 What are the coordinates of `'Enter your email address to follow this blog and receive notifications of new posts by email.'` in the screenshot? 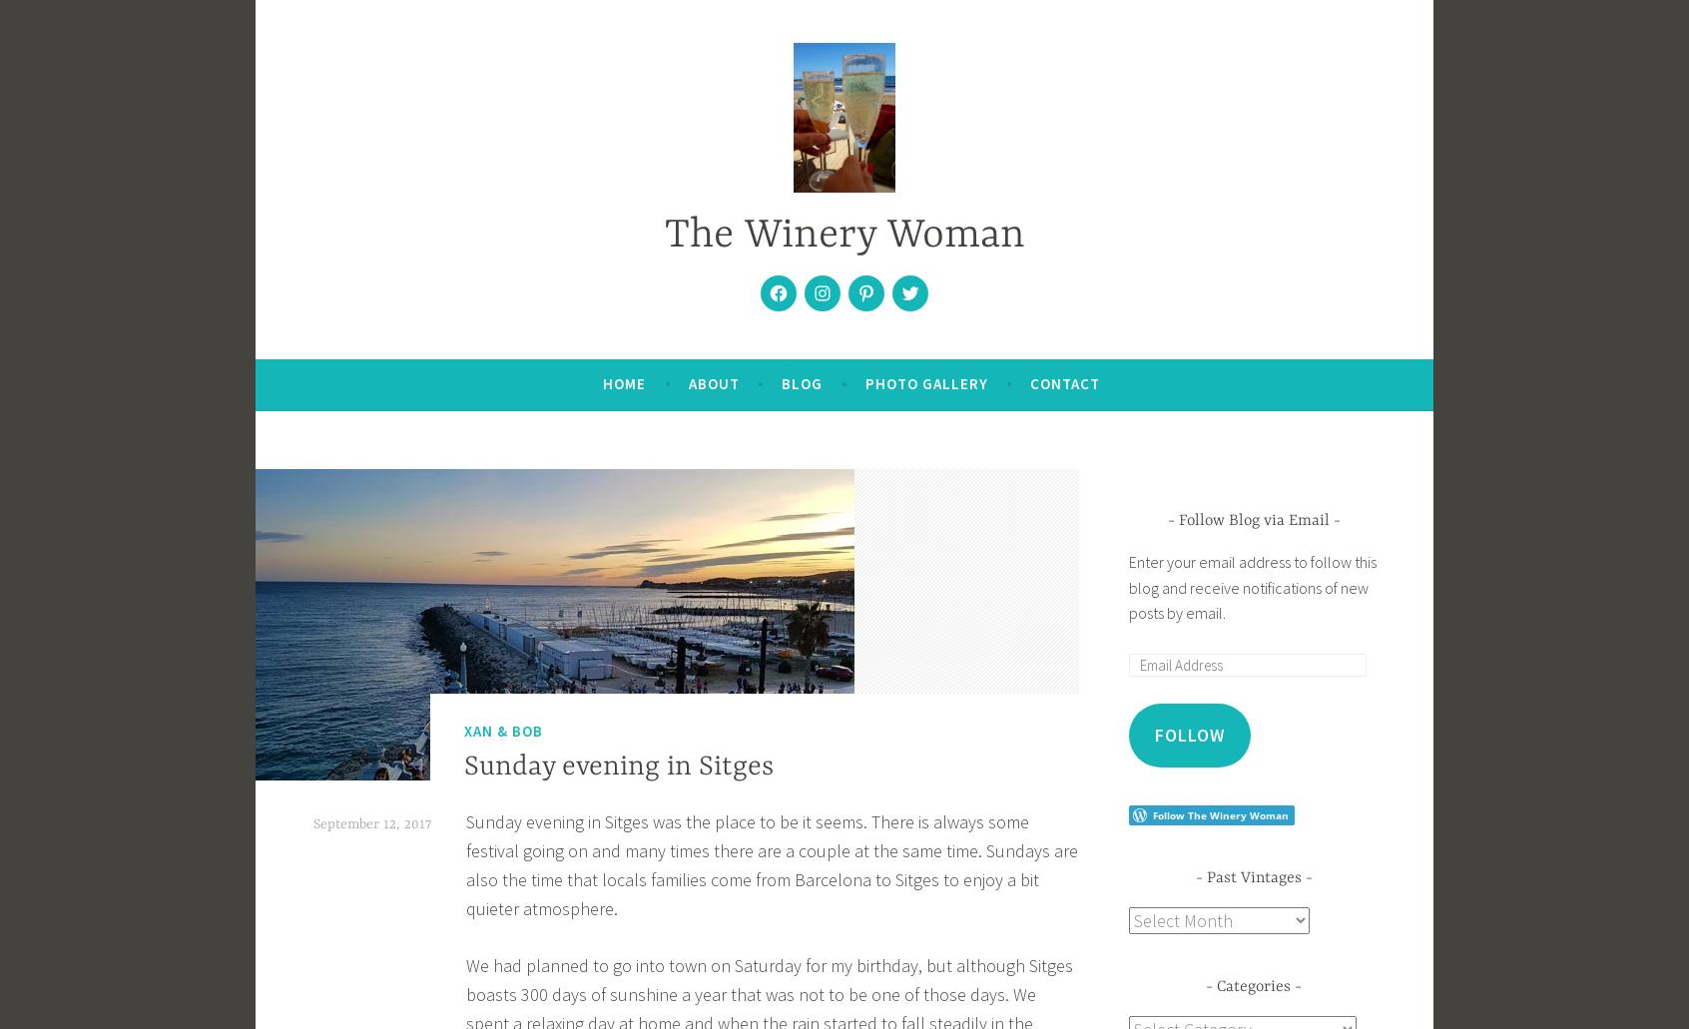 It's located at (1252, 586).